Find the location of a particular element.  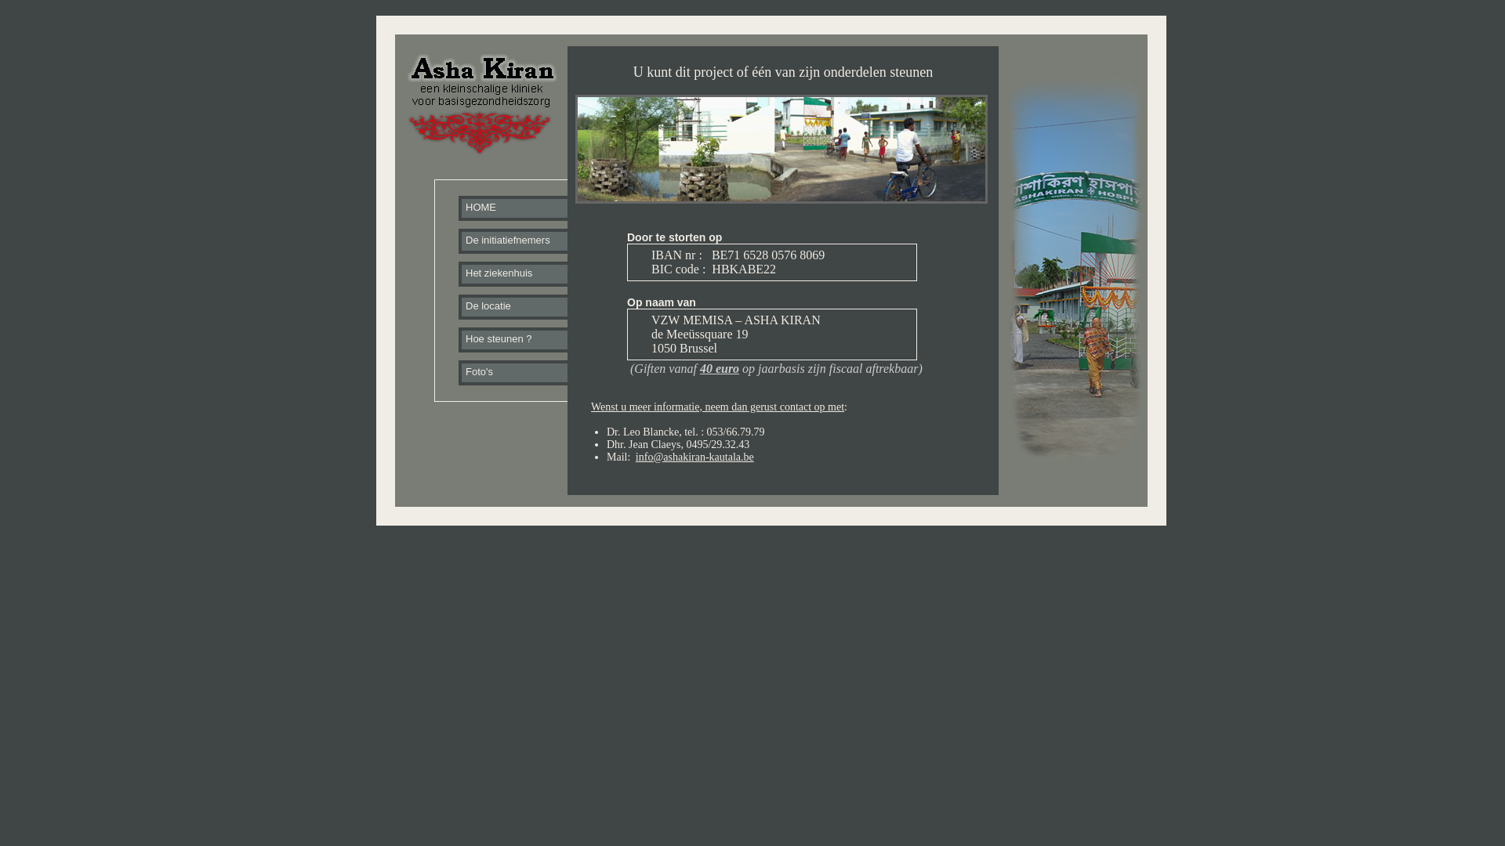

'Het ziekenhuis' is located at coordinates (461, 274).